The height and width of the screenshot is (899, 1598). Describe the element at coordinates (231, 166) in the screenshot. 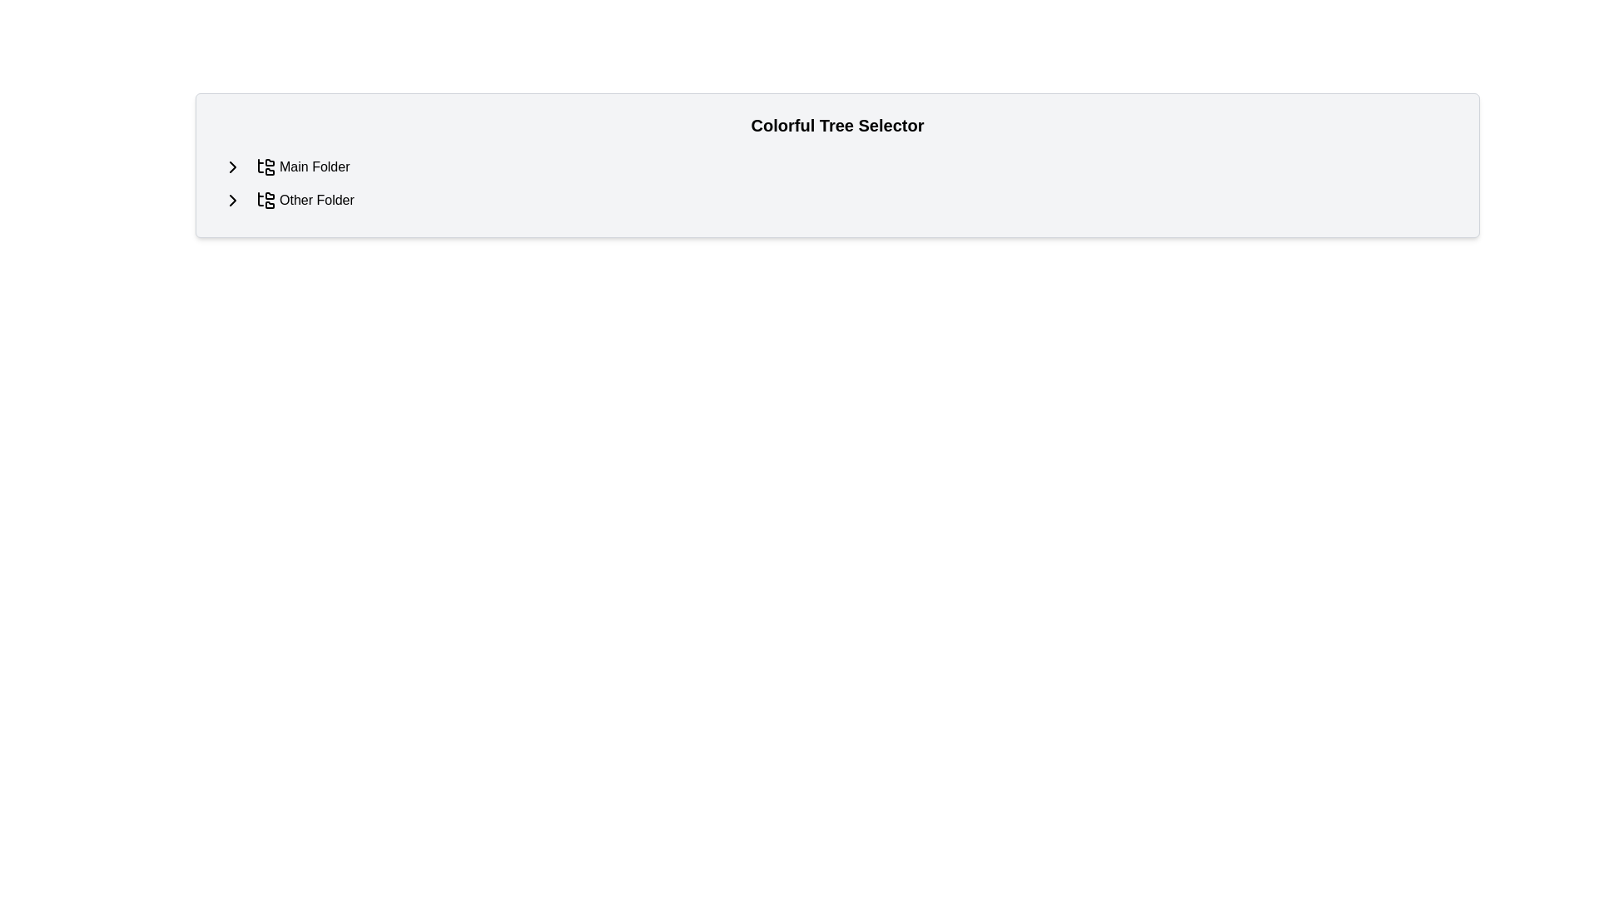

I see `the interactive toggle icon for expanding or collapsing the 'Main Folder', located next to the 'Main Folder' text label` at that location.